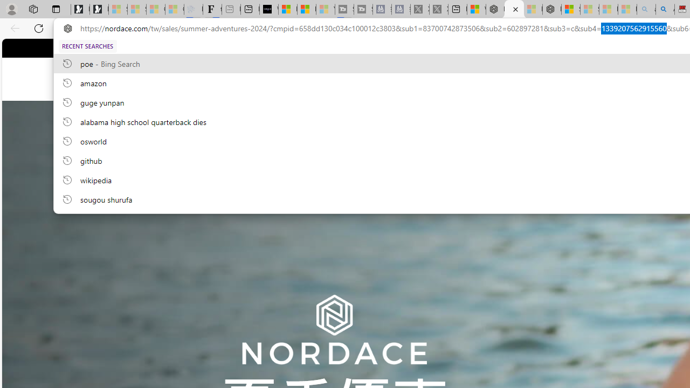 The width and height of the screenshot is (690, 388). I want to click on 'Microsoft Start Sports', so click(288, 9).